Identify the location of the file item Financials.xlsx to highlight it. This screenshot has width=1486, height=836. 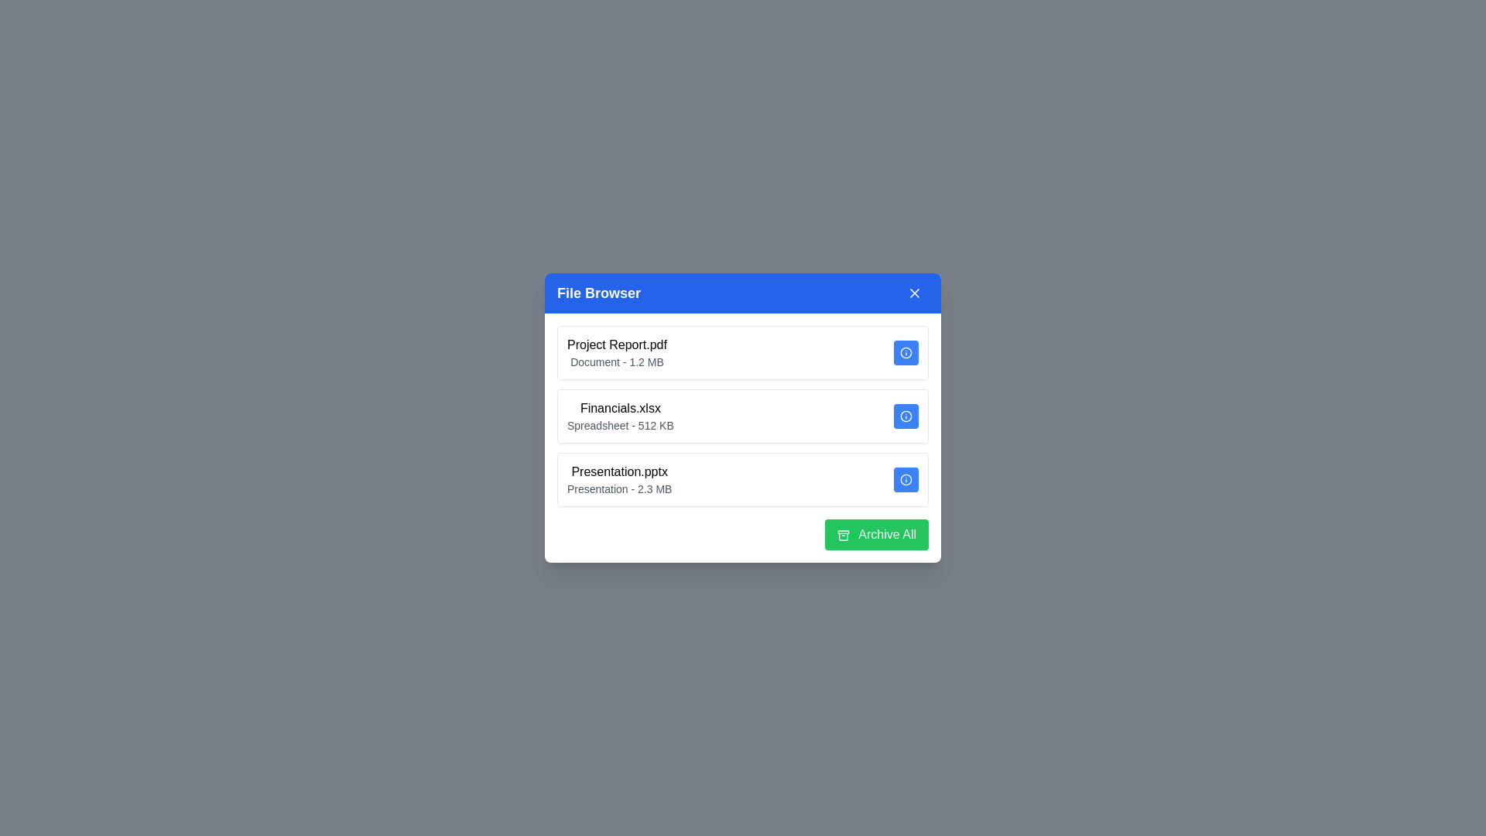
(743, 415).